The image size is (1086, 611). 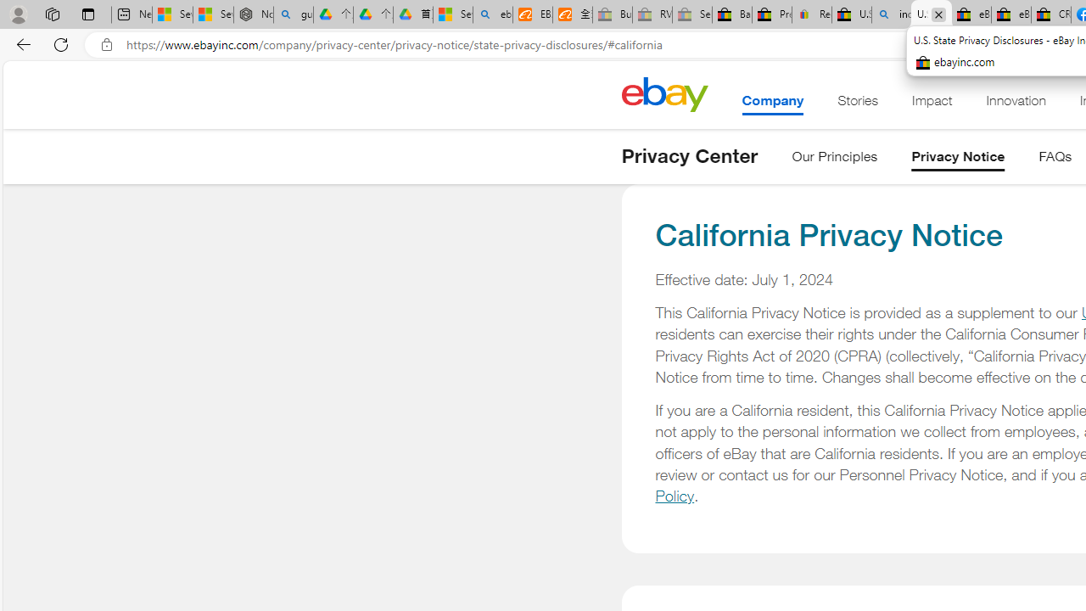 I want to click on 'Our Principles', so click(x=835, y=160).